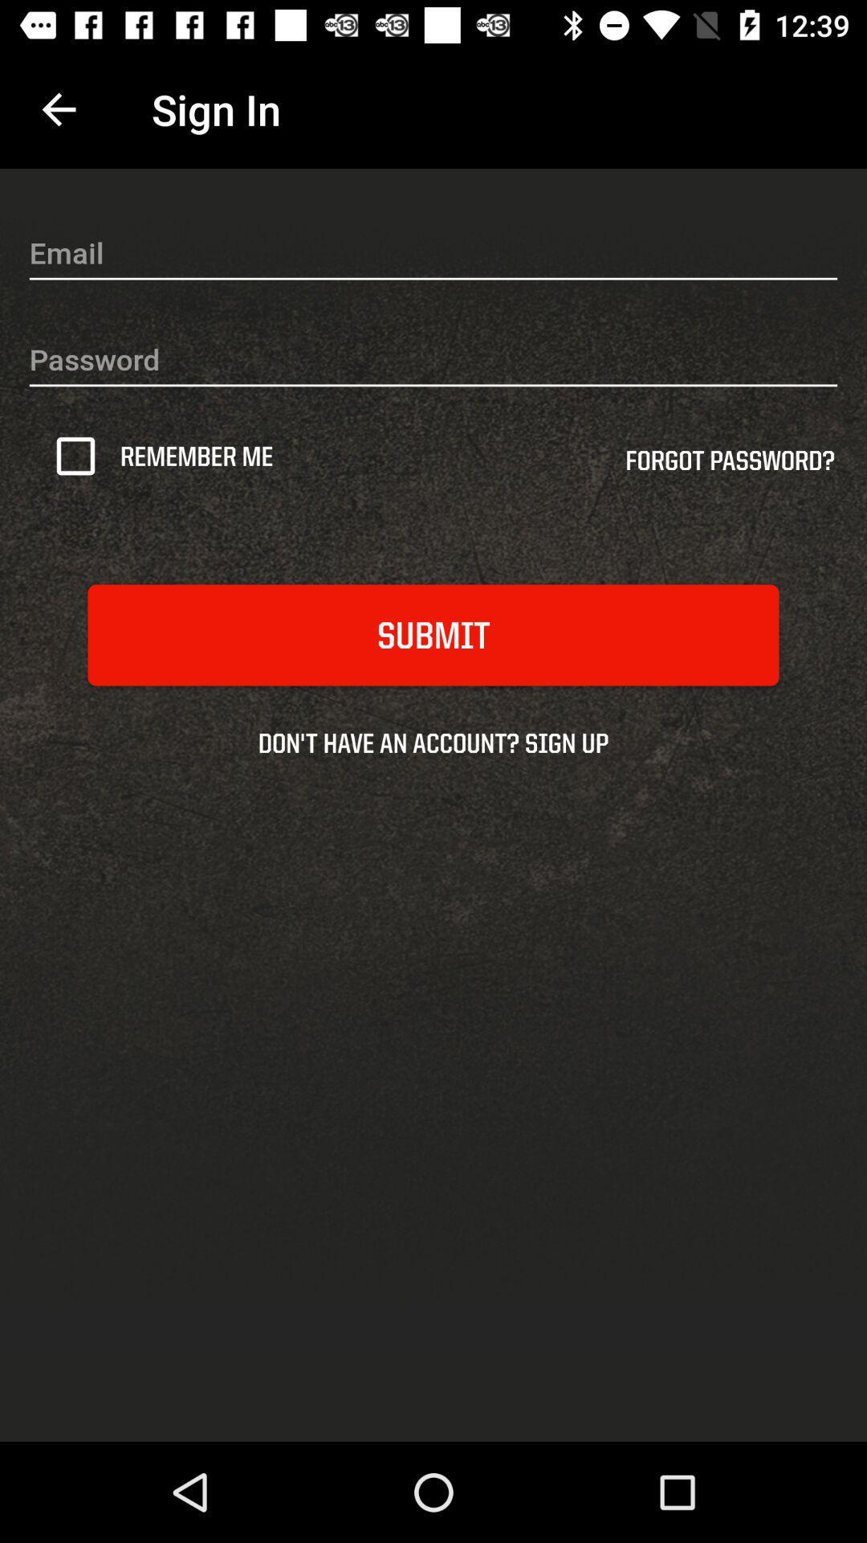 This screenshot has height=1543, width=867. What do you see at coordinates (433, 634) in the screenshot?
I see `submit icon` at bounding box center [433, 634].